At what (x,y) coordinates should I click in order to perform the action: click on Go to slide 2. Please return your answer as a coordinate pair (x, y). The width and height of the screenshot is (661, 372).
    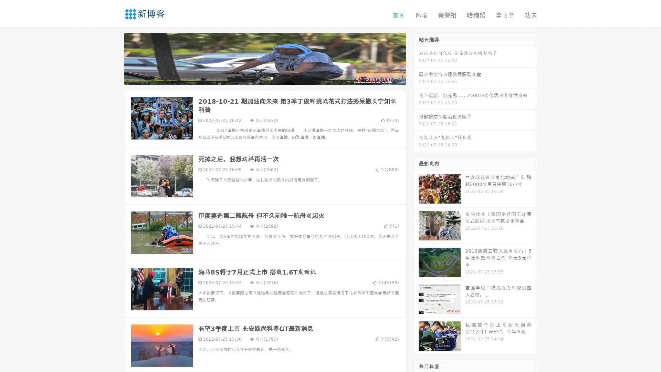
    Looking at the image, I should click on (264, 77).